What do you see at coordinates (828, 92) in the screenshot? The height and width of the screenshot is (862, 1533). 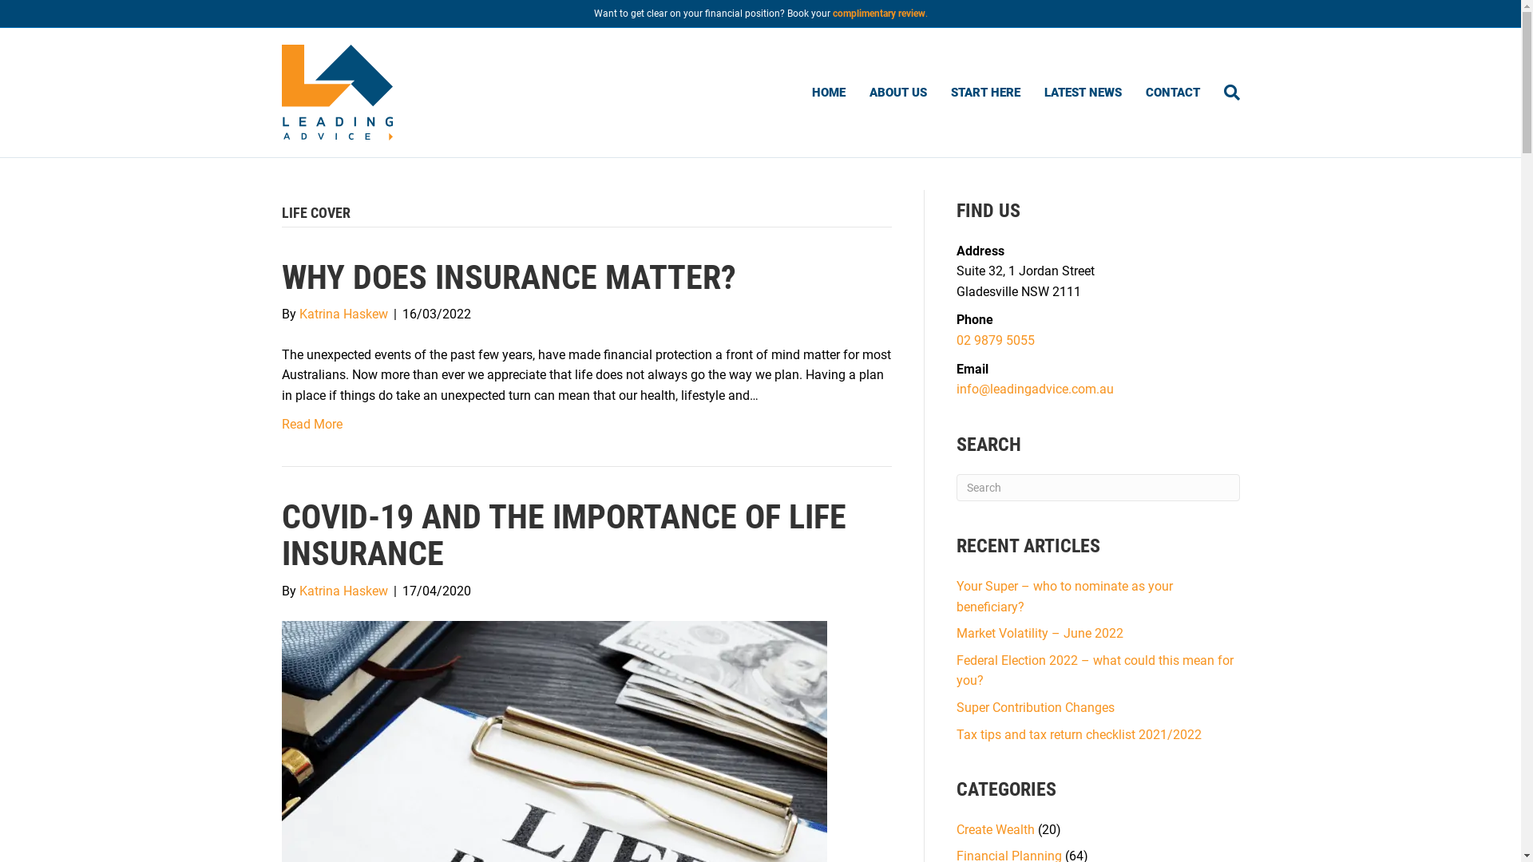 I see `'HOME'` at bounding box center [828, 92].